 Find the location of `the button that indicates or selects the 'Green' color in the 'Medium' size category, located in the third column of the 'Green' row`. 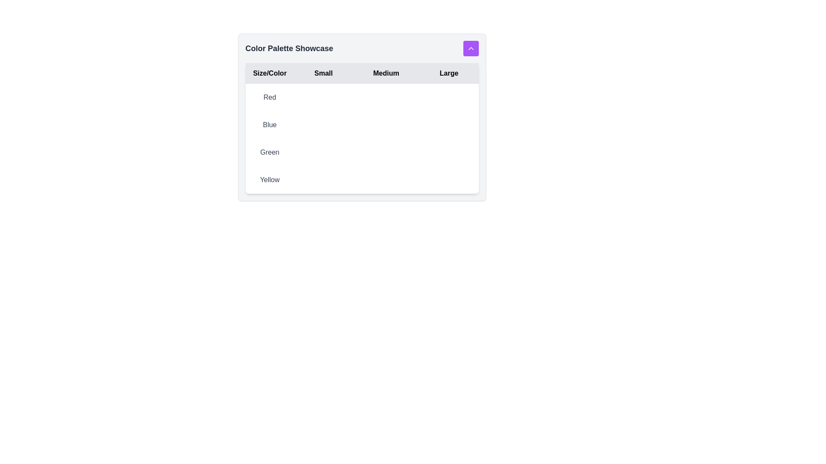

the button that indicates or selects the 'Green' color in the 'Medium' size category, located in the third column of the 'Green' row is located at coordinates (385, 152).